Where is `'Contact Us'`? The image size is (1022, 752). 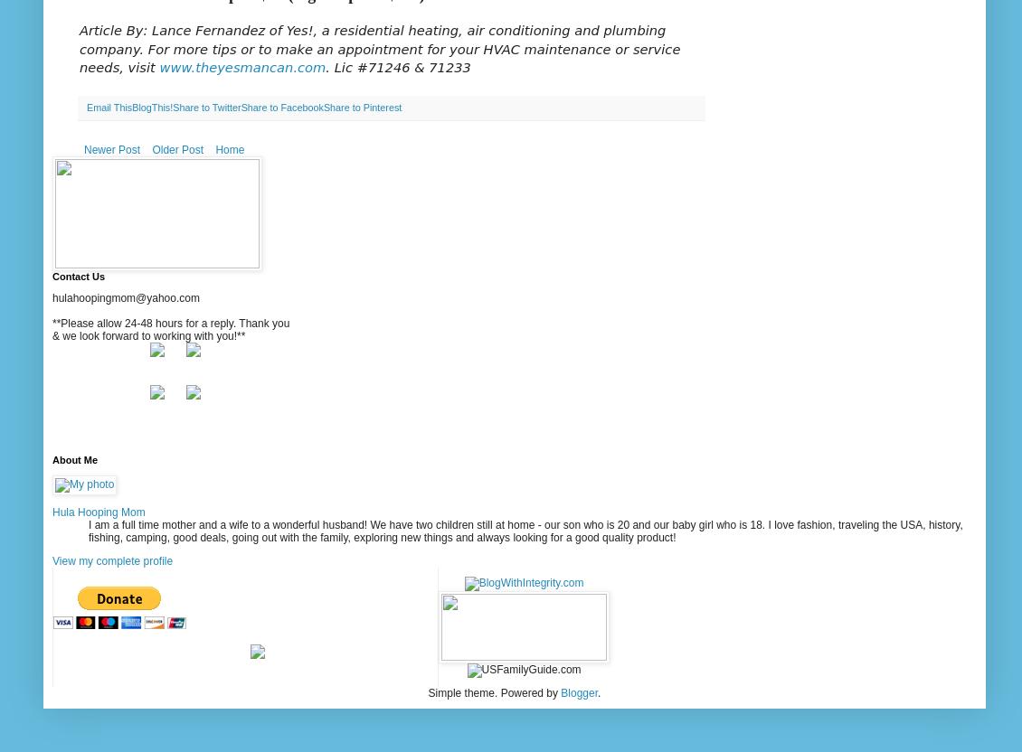
'Contact Us' is located at coordinates (79, 276).